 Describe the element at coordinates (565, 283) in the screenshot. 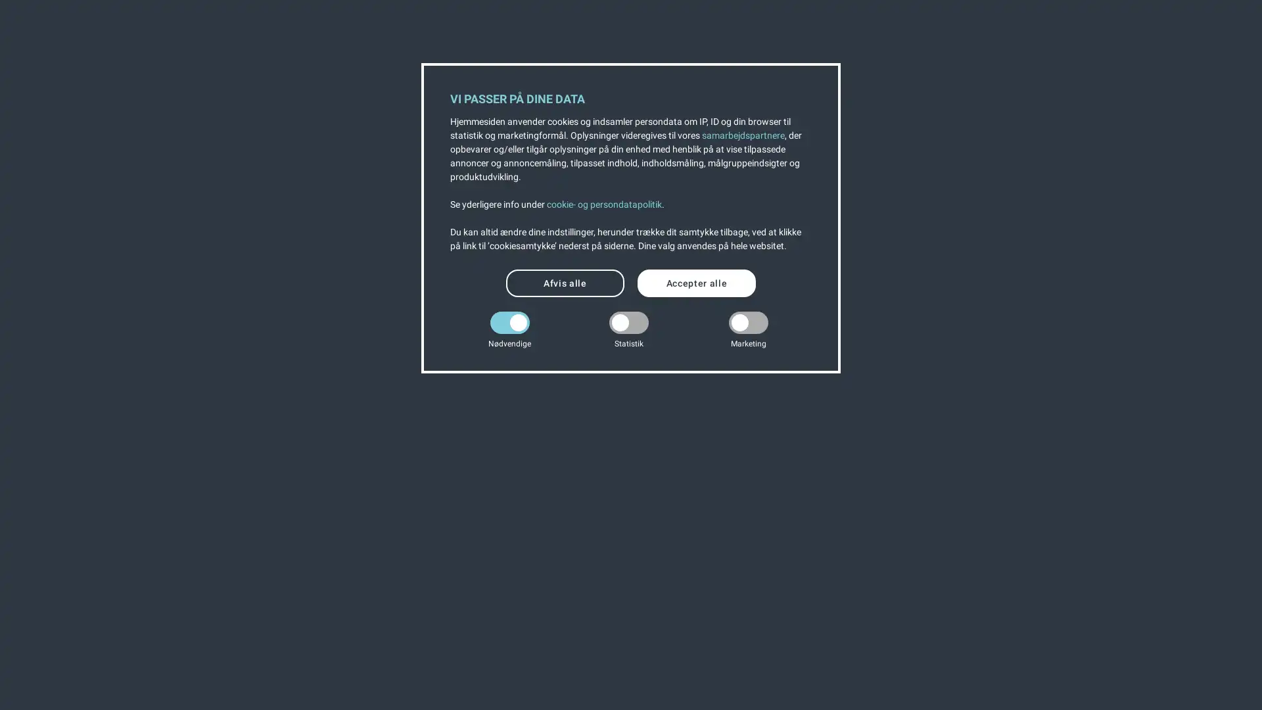

I see `Afvis alle` at that location.